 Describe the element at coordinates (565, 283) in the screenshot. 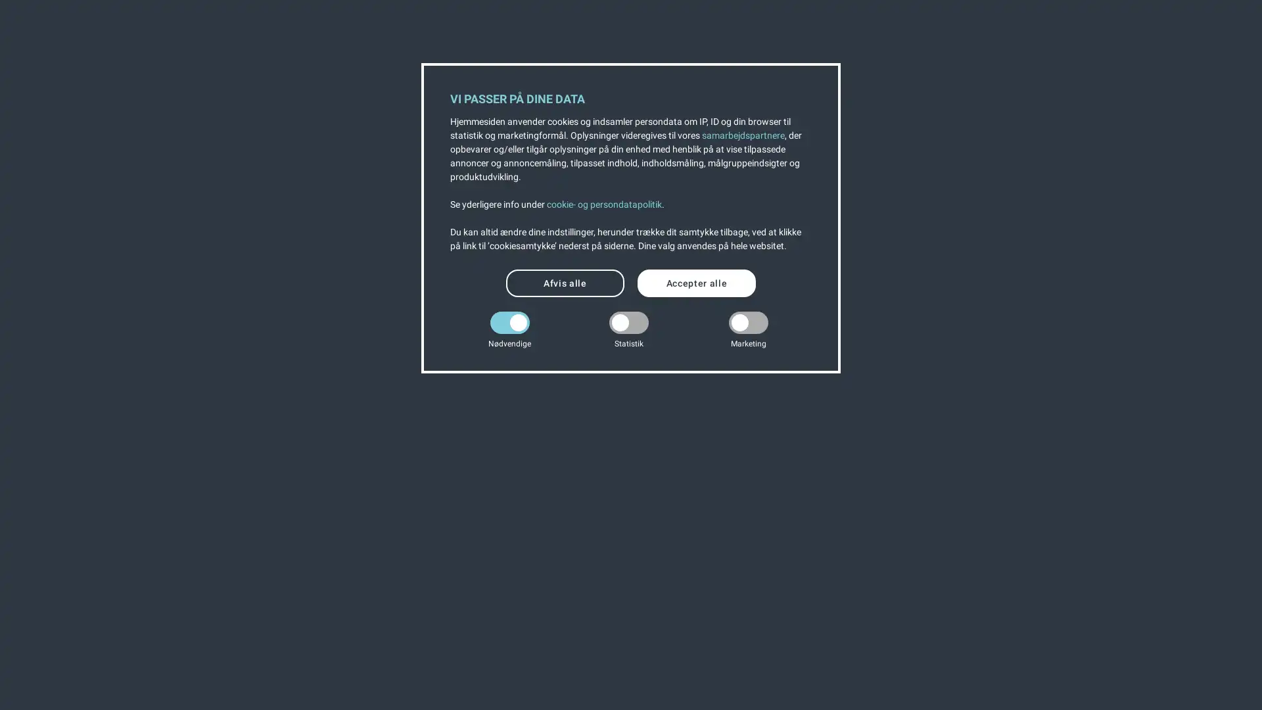

I see `Afvis alle` at that location.